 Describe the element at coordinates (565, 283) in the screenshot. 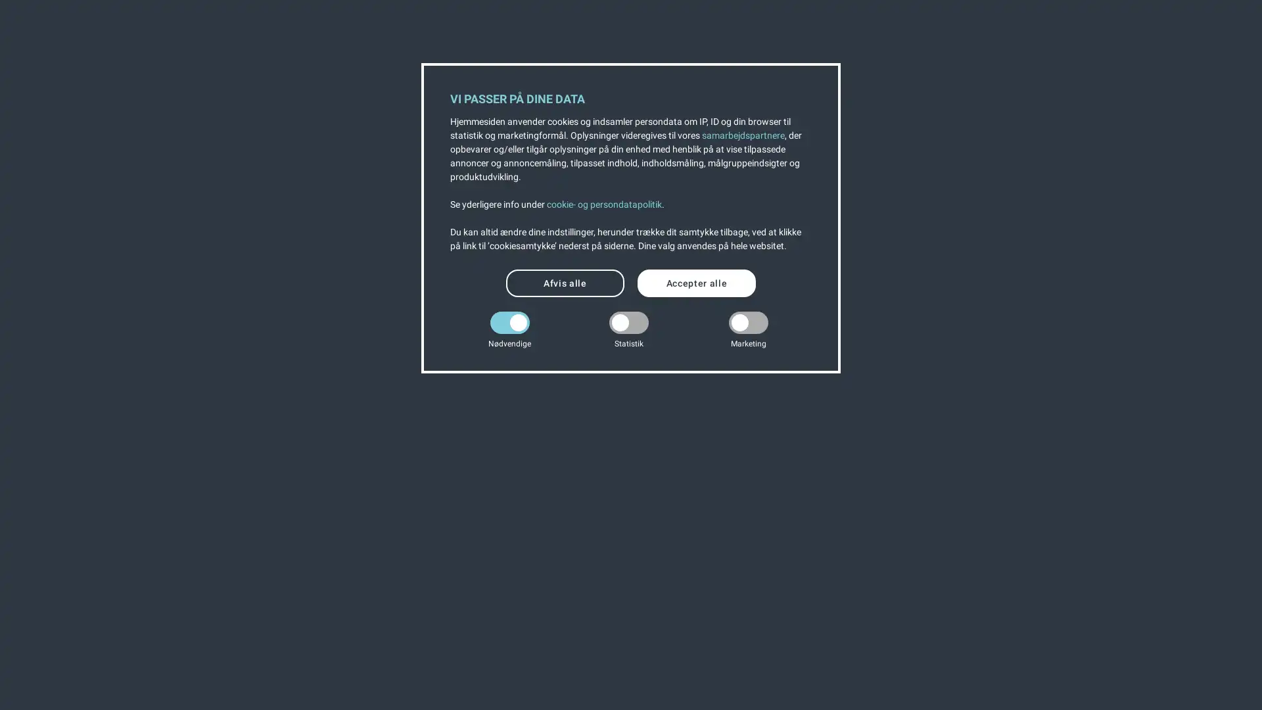

I see `Afvis alle` at that location.